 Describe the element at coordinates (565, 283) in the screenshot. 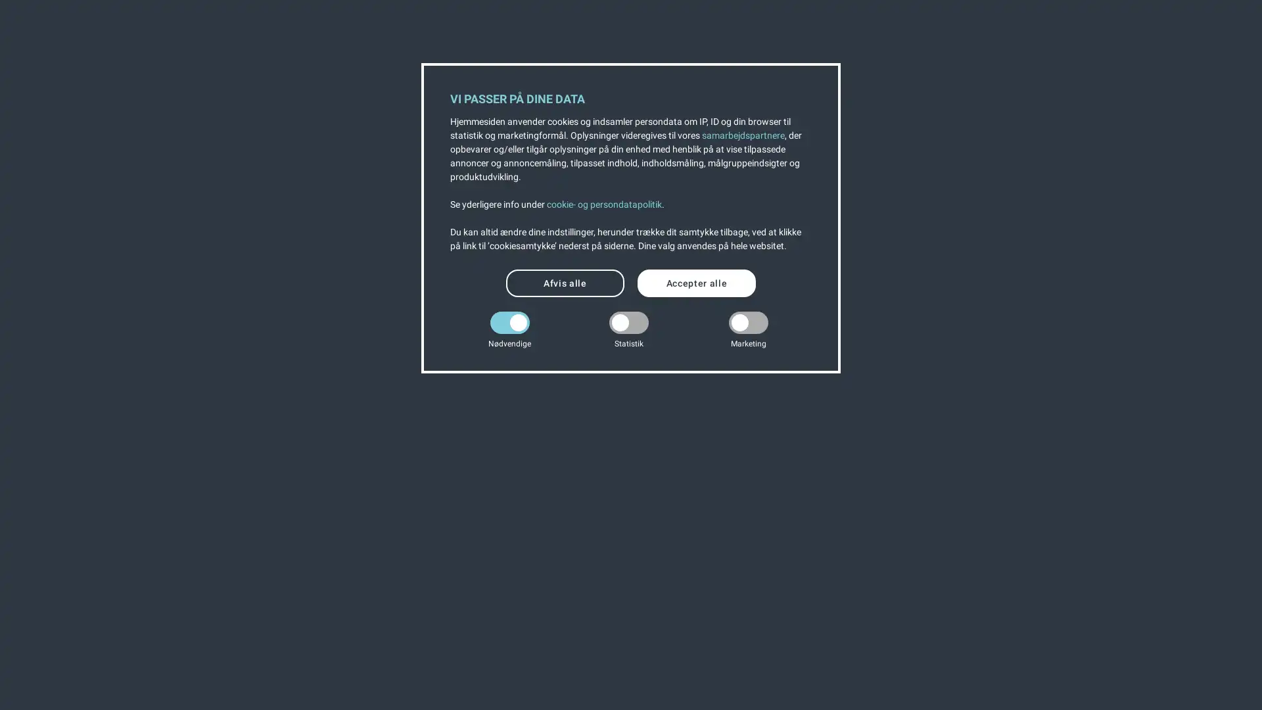

I see `Afvis alle` at that location.